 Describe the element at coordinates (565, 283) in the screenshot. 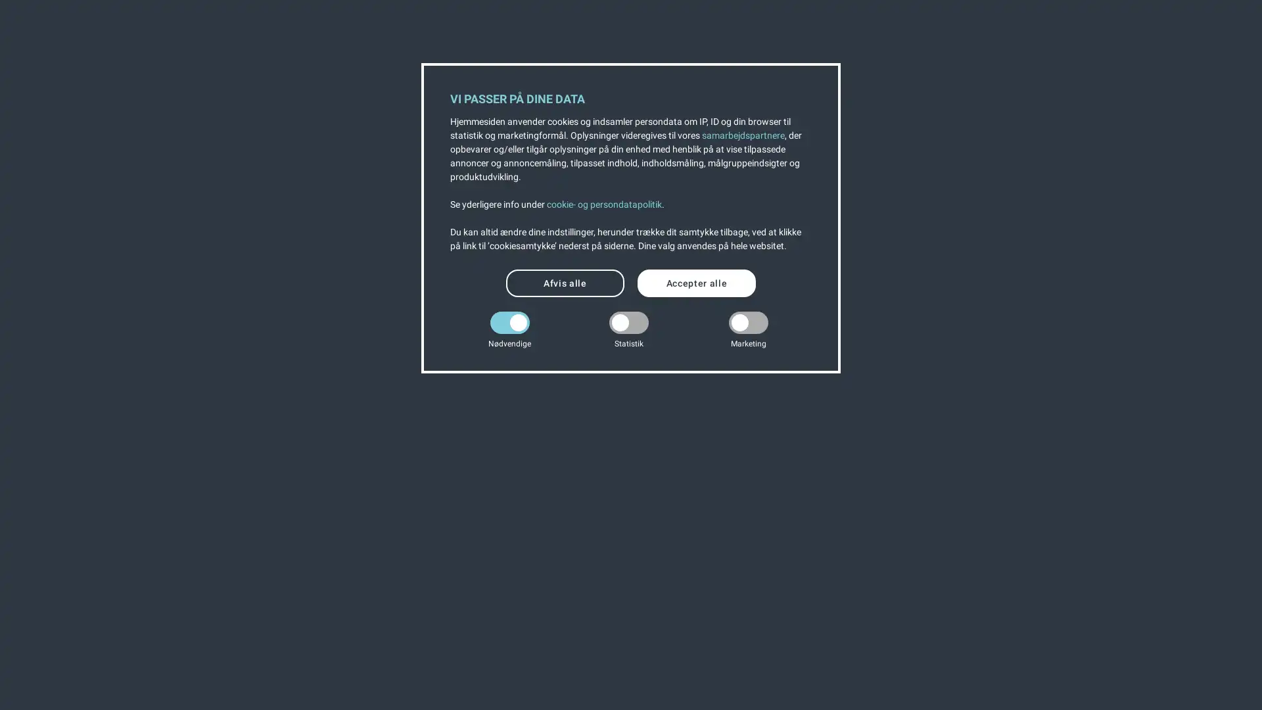

I see `Afvis alle` at that location.